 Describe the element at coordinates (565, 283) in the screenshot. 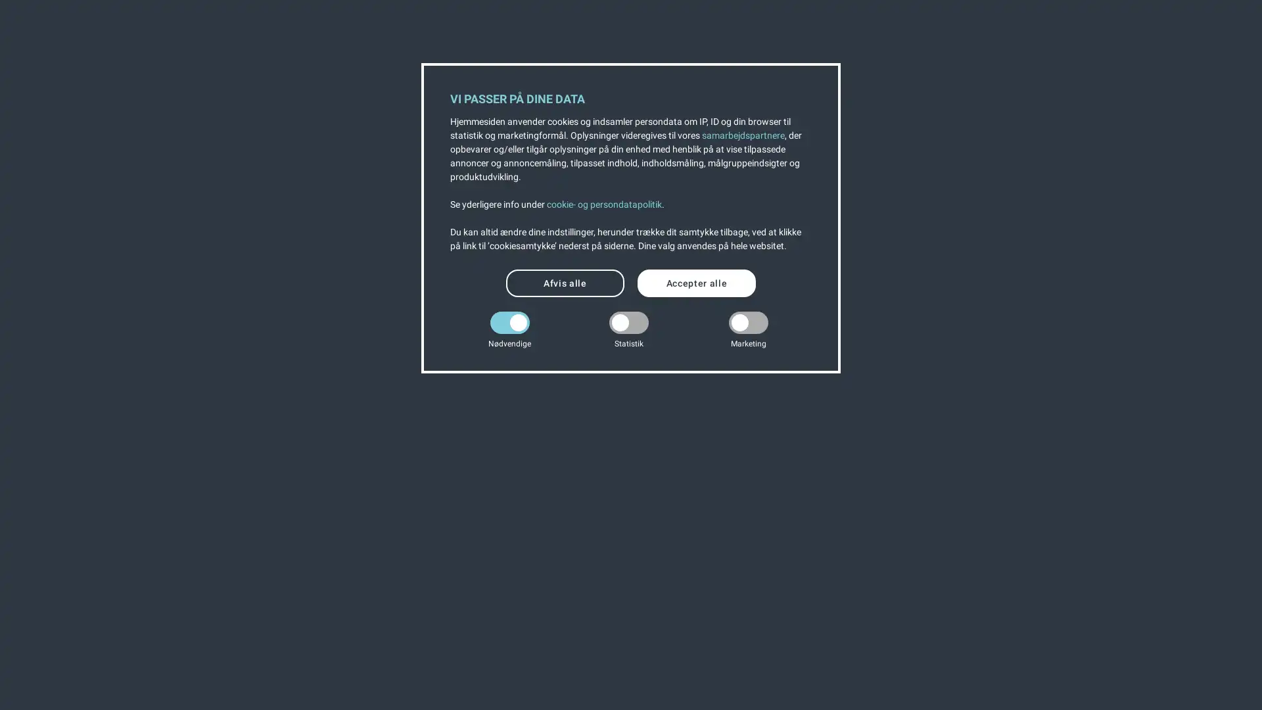

I see `Afvis alle` at that location.